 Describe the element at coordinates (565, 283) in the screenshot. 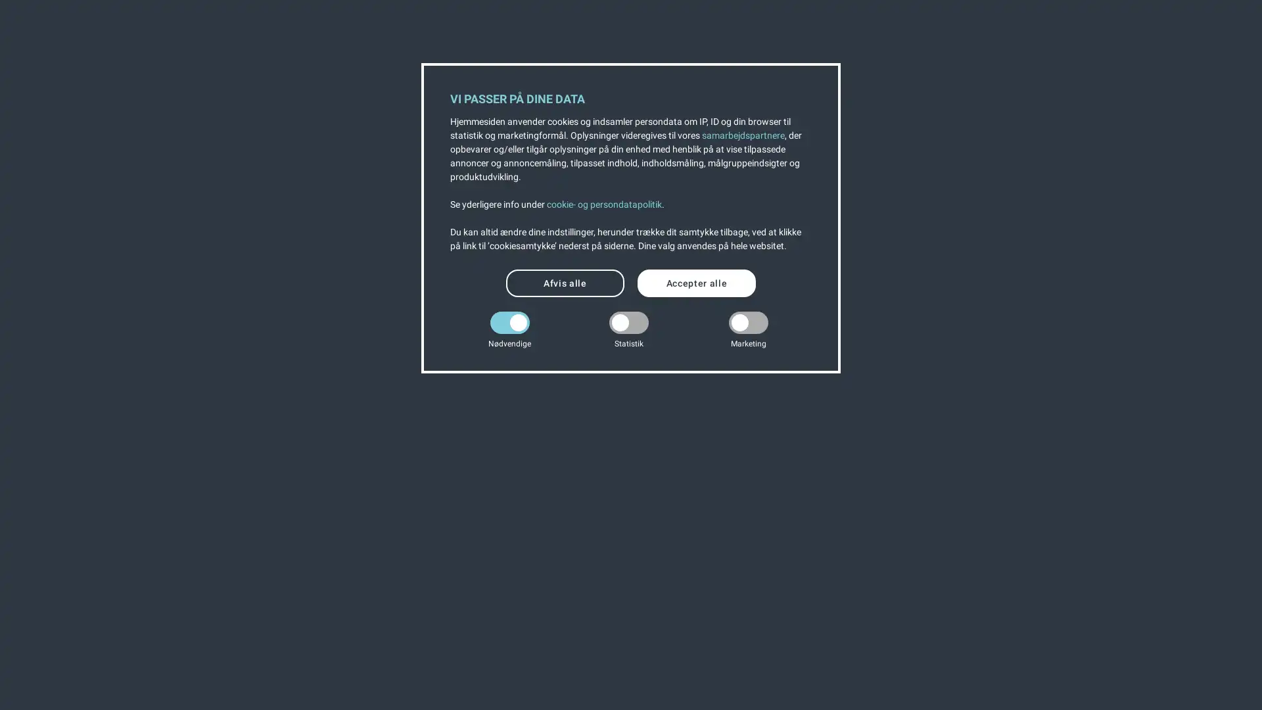

I see `Afvis alle` at that location.